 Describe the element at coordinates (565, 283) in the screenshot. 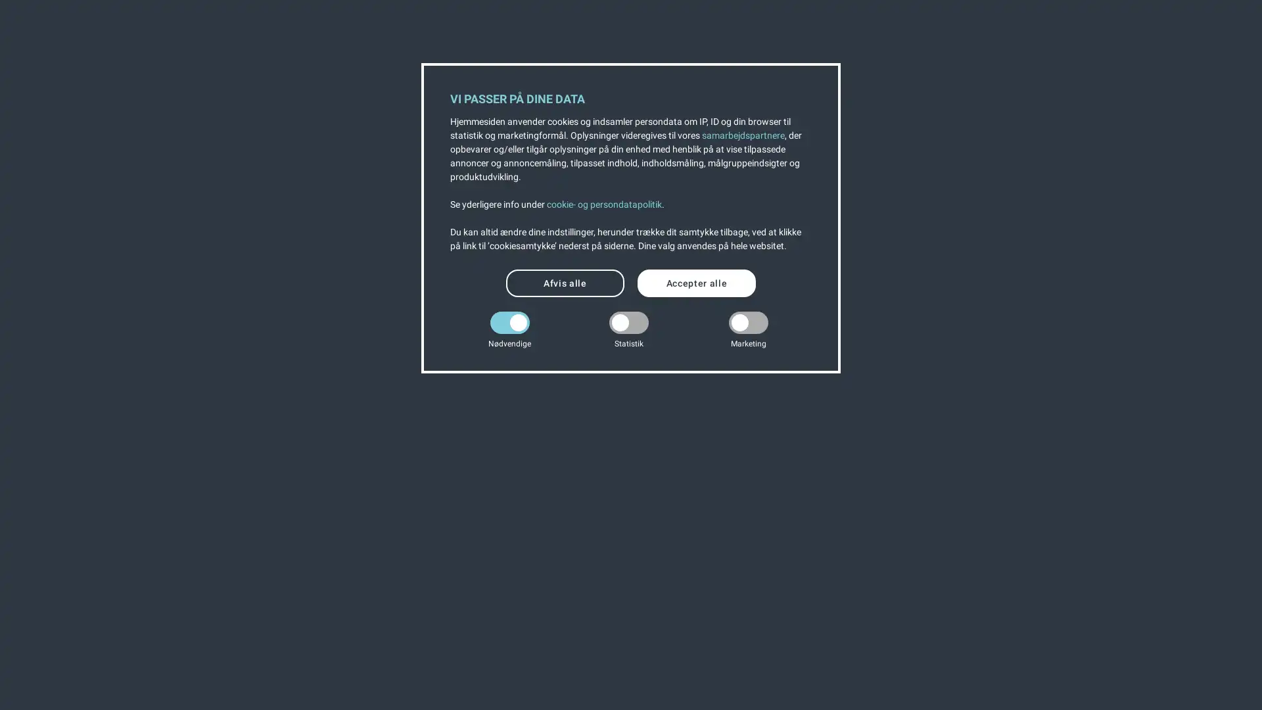

I see `Afvis alle` at that location.